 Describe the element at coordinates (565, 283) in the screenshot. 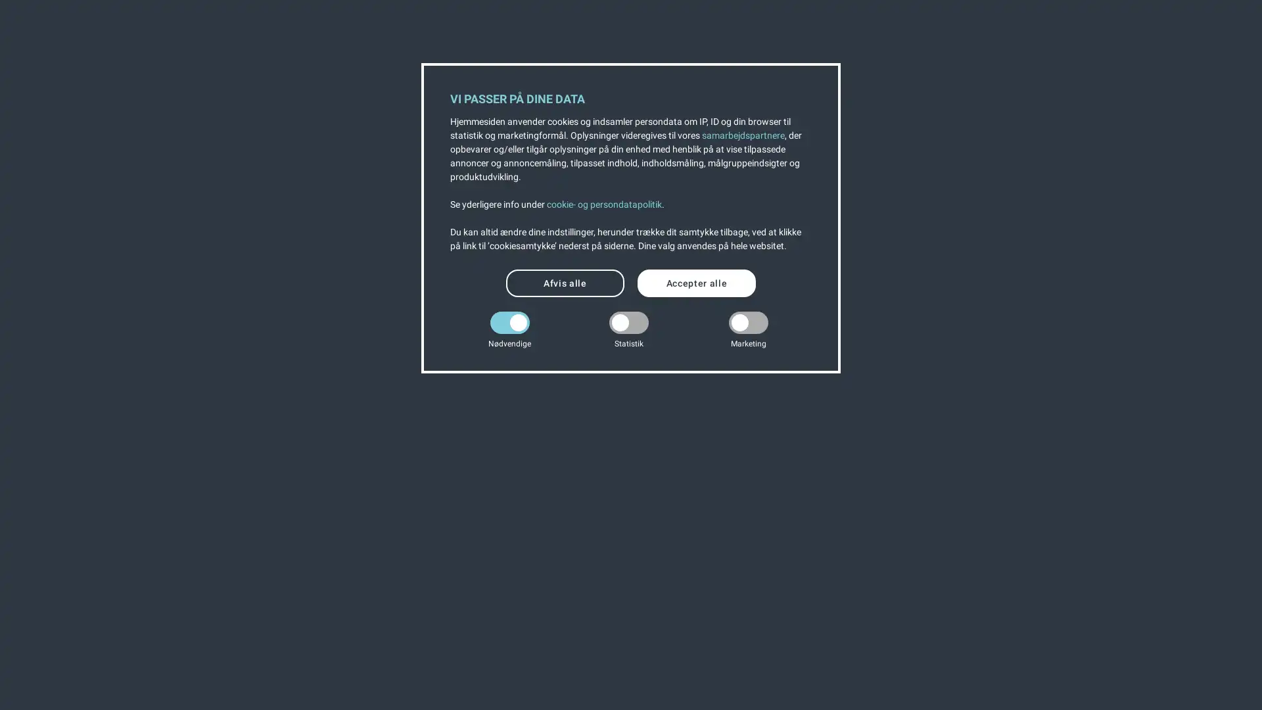

I see `Afvis alle` at that location.